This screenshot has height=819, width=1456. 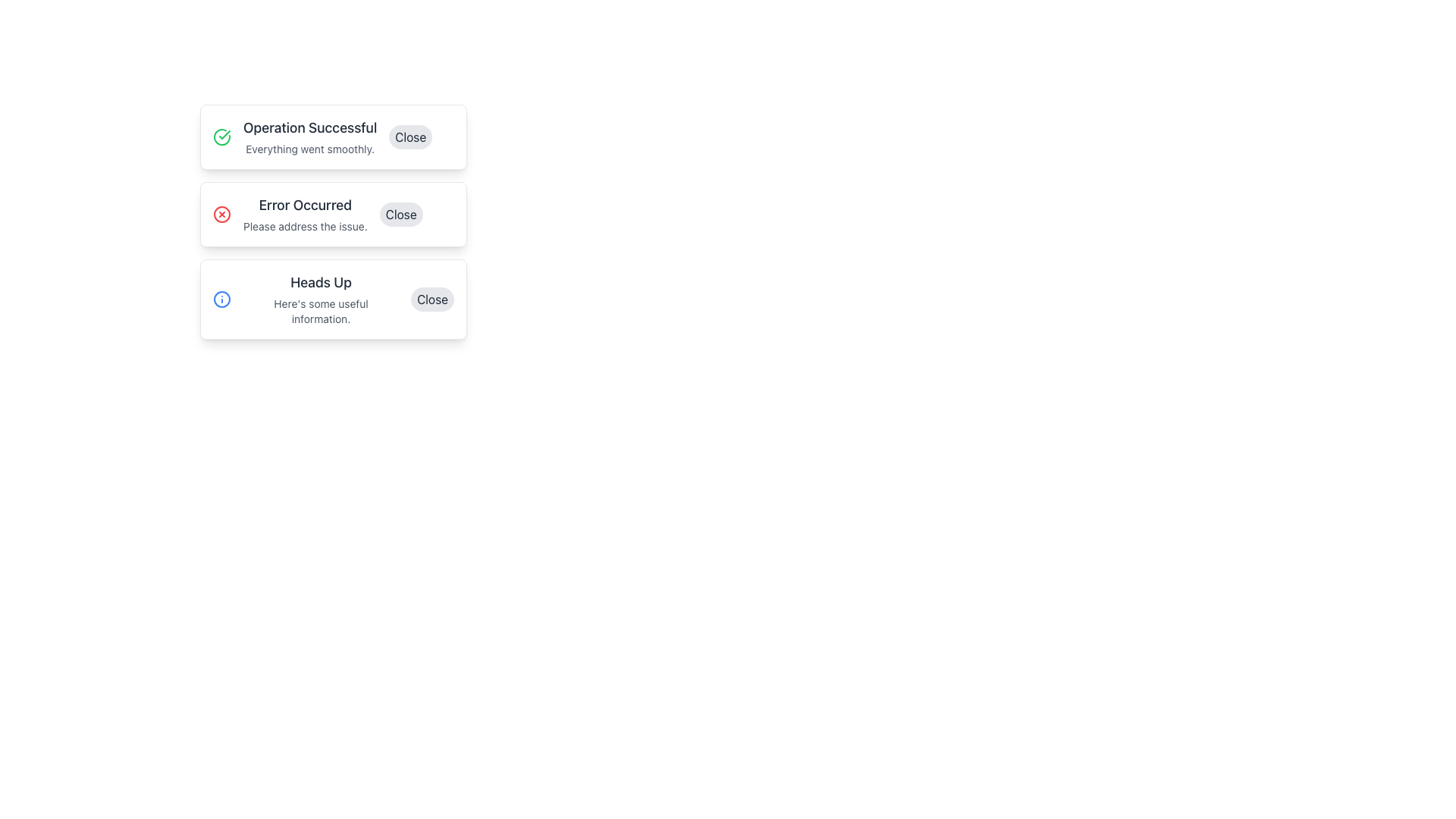 What do you see at coordinates (410, 137) in the screenshot?
I see `the close button located at the upper-right corner of the notification card displaying 'Operation Successful' to trigger the background color change` at bounding box center [410, 137].